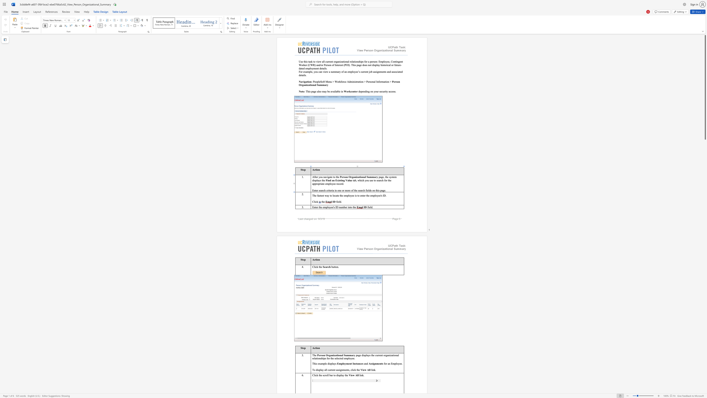 The image size is (707, 398). I want to click on the 1th character "g" in the text, so click(374, 363).